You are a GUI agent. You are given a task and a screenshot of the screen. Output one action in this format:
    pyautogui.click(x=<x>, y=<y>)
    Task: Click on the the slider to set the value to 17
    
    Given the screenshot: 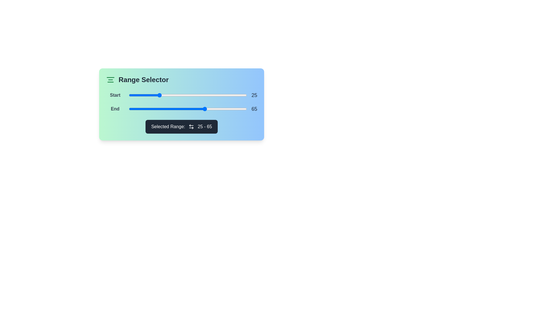 What is the action you would take?
    pyautogui.click(x=149, y=95)
    